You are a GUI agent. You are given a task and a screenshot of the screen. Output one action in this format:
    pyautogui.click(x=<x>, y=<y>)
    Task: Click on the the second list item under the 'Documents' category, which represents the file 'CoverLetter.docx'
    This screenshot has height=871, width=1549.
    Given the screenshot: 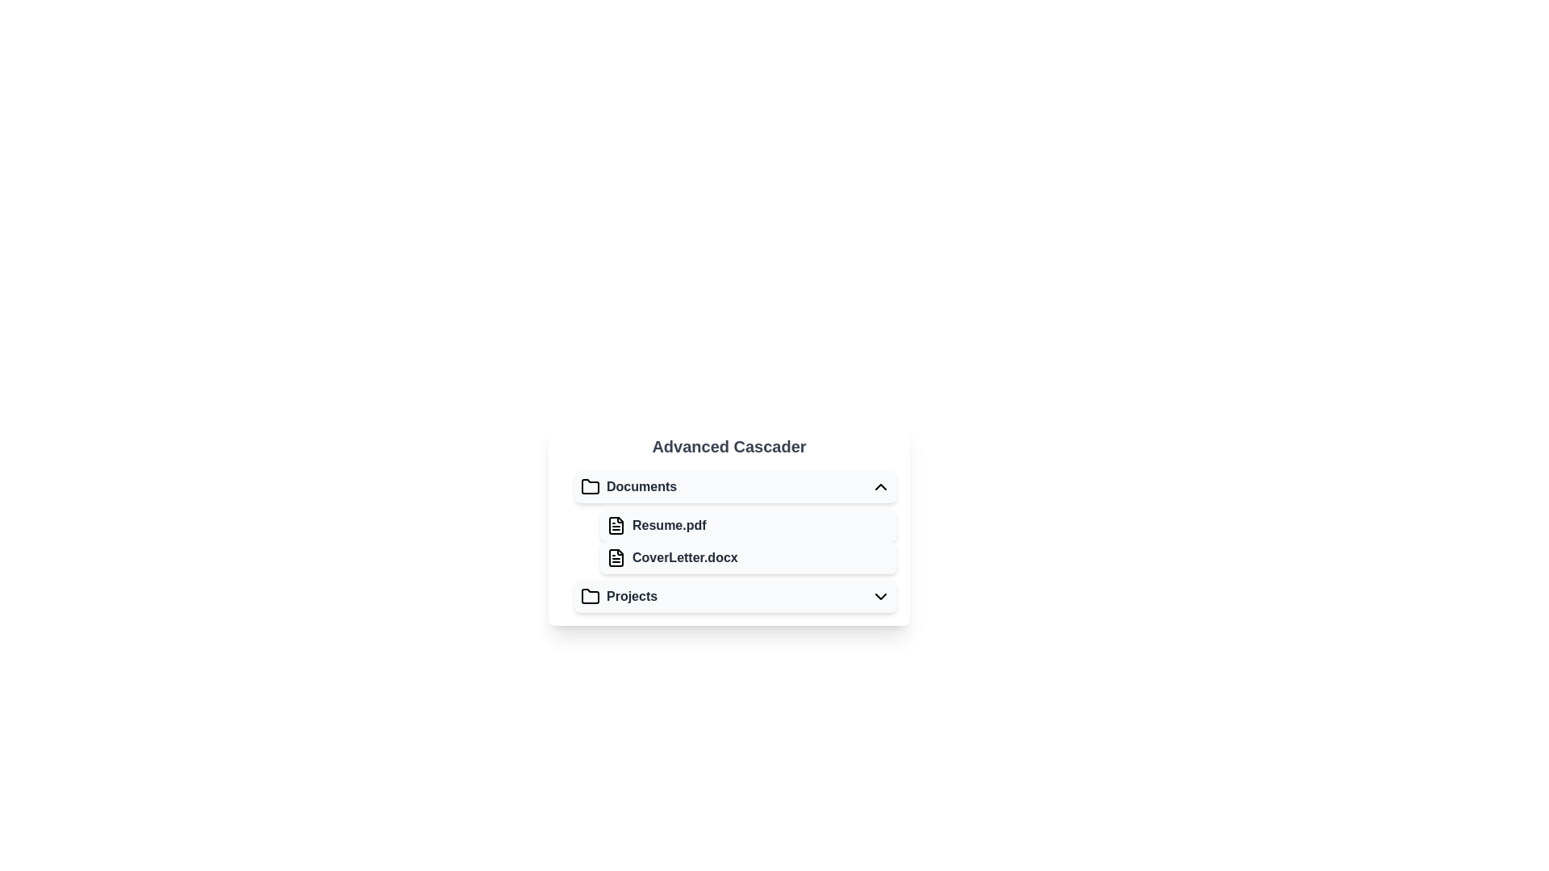 What is the action you would take?
    pyautogui.click(x=741, y=556)
    